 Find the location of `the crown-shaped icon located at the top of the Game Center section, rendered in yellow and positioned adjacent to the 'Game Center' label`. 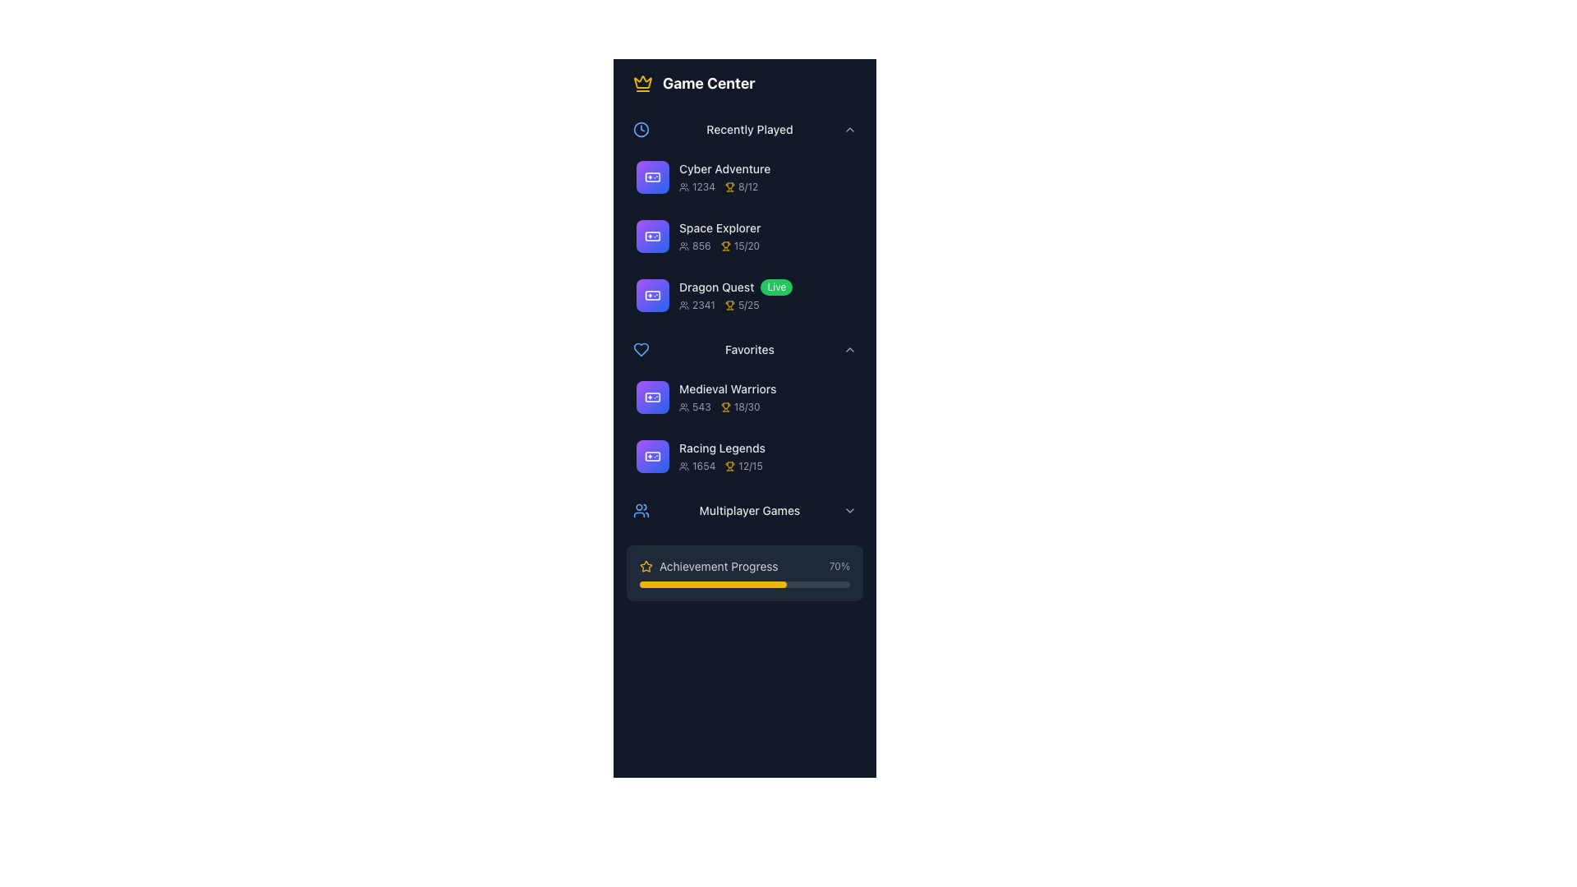

the crown-shaped icon located at the top of the Game Center section, rendered in yellow and positioned adjacent to the 'Game Center' label is located at coordinates (641, 82).